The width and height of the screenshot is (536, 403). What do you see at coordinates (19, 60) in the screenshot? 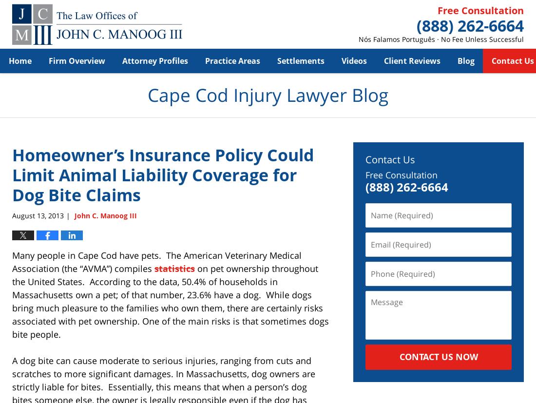
I see `'Home'` at bounding box center [19, 60].